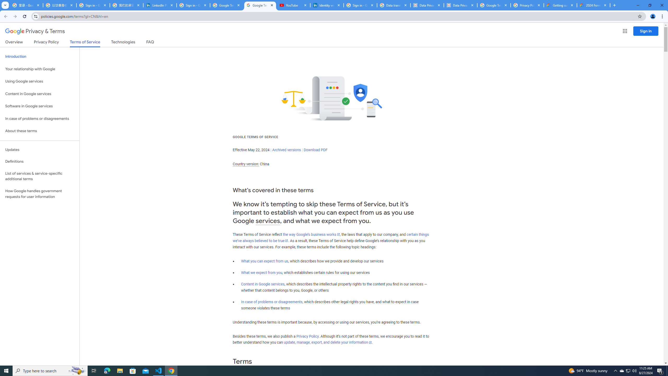  What do you see at coordinates (637, 5) in the screenshot?
I see `'Minimize'` at bounding box center [637, 5].